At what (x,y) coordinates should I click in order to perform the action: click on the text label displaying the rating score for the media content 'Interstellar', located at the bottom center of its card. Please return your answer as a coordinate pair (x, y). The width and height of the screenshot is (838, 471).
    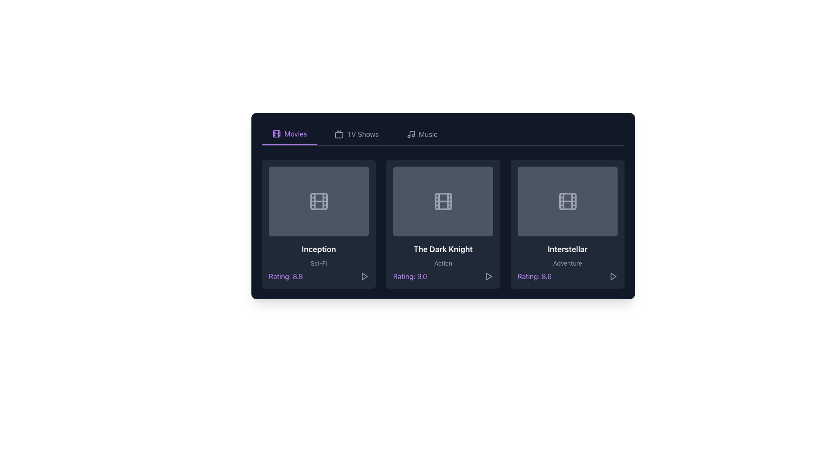
    Looking at the image, I should click on (534, 276).